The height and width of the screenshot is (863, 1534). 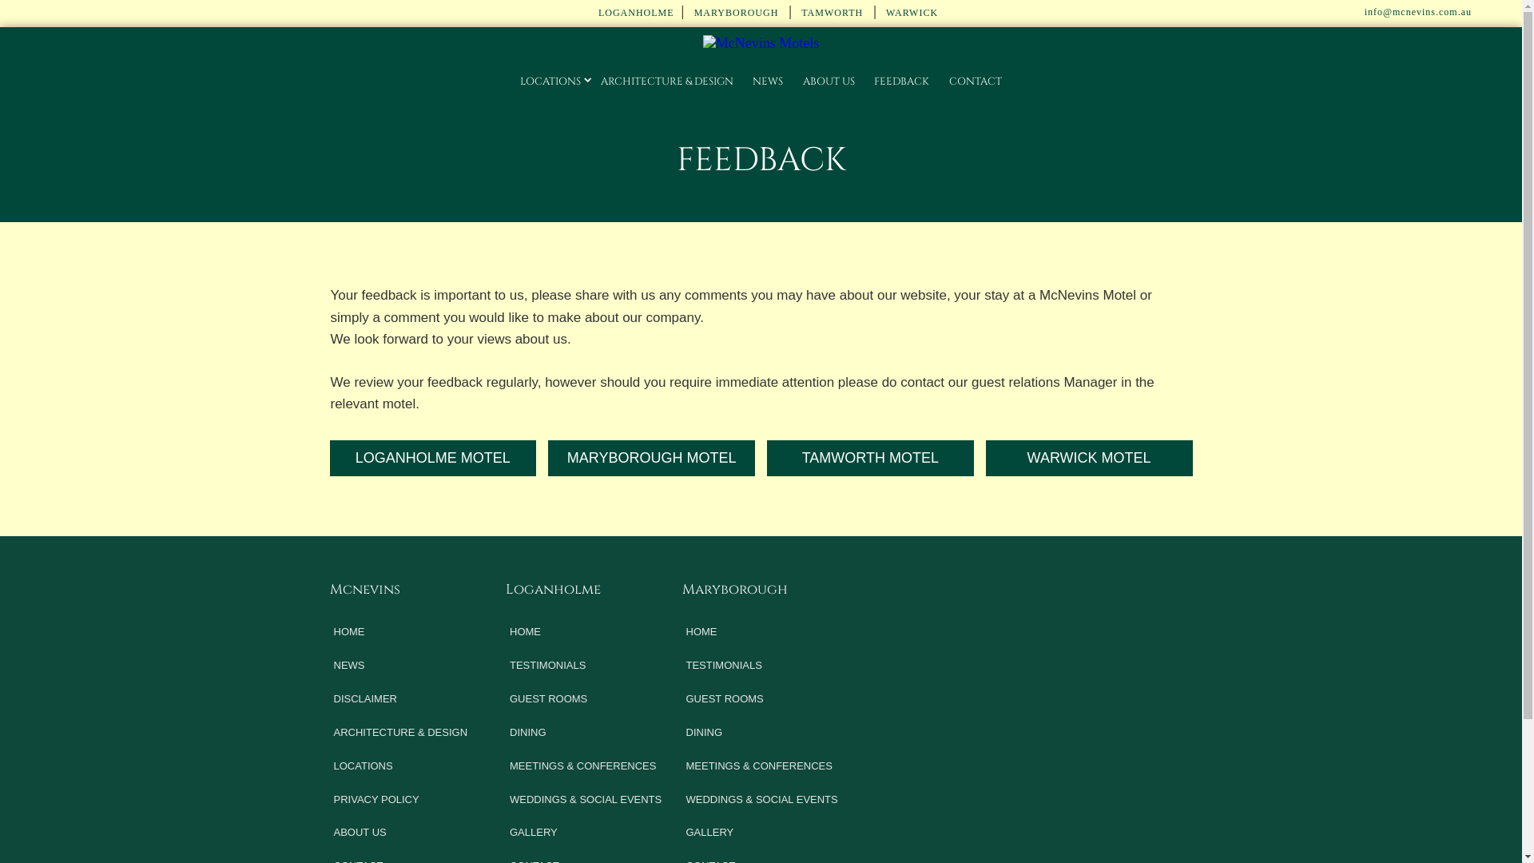 What do you see at coordinates (593, 766) in the screenshot?
I see `'MEETINGS & CONFERENCES'` at bounding box center [593, 766].